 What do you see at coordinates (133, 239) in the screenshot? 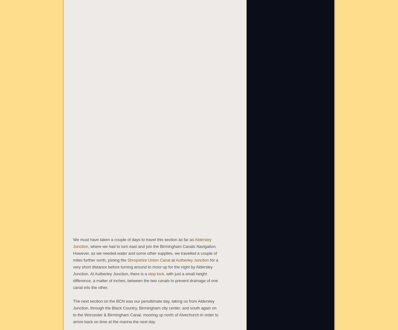
I see `'We must have taken a couple of days to travel this section as far as'` at bounding box center [133, 239].